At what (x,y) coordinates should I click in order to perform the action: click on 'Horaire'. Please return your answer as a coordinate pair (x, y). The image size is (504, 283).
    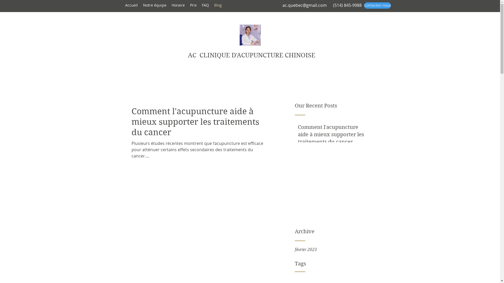
    Looking at the image, I should click on (178, 5).